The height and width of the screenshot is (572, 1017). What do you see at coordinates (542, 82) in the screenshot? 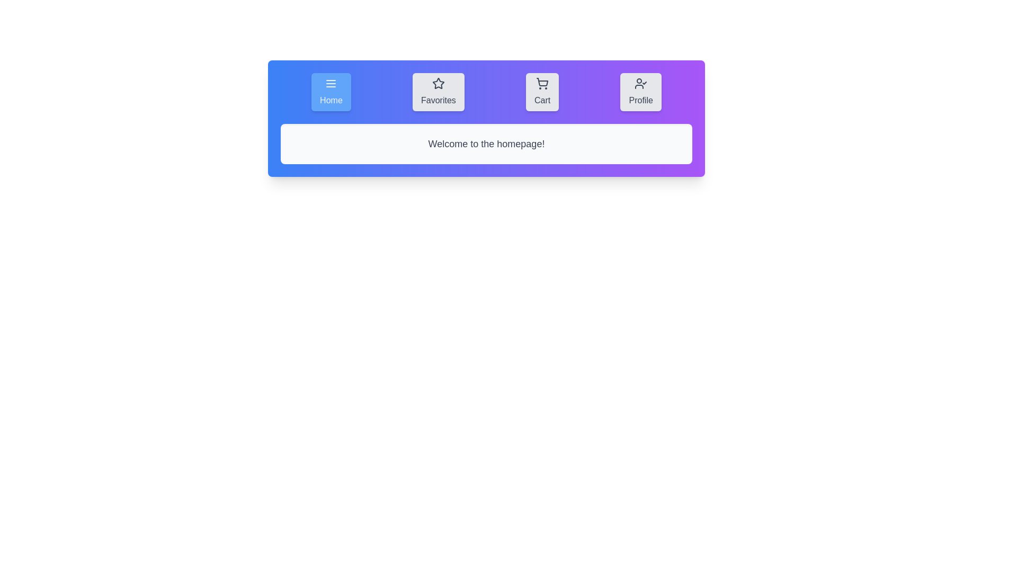
I see `the shopping cart icon located in the 'Cart' button within the navigation bar` at bounding box center [542, 82].